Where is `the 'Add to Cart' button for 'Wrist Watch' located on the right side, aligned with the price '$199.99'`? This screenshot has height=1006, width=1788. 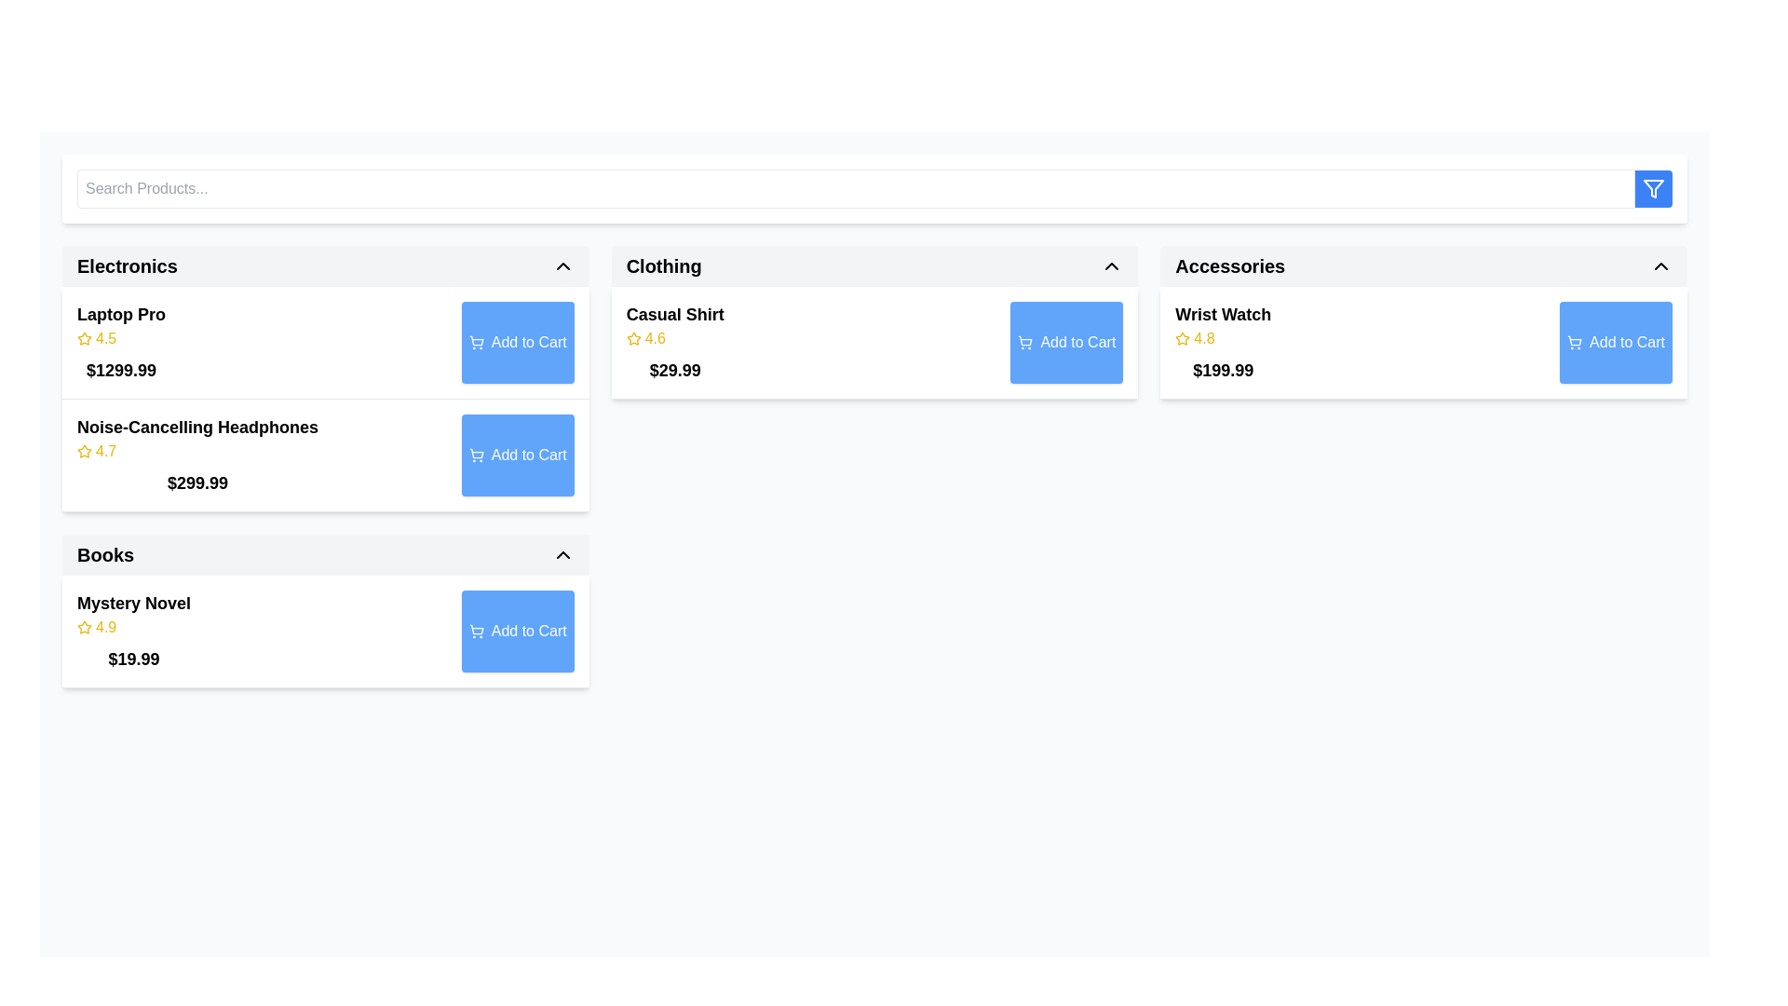 the 'Add to Cart' button for 'Wrist Watch' located on the right side, aligned with the price '$199.99' is located at coordinates (1615, 342).